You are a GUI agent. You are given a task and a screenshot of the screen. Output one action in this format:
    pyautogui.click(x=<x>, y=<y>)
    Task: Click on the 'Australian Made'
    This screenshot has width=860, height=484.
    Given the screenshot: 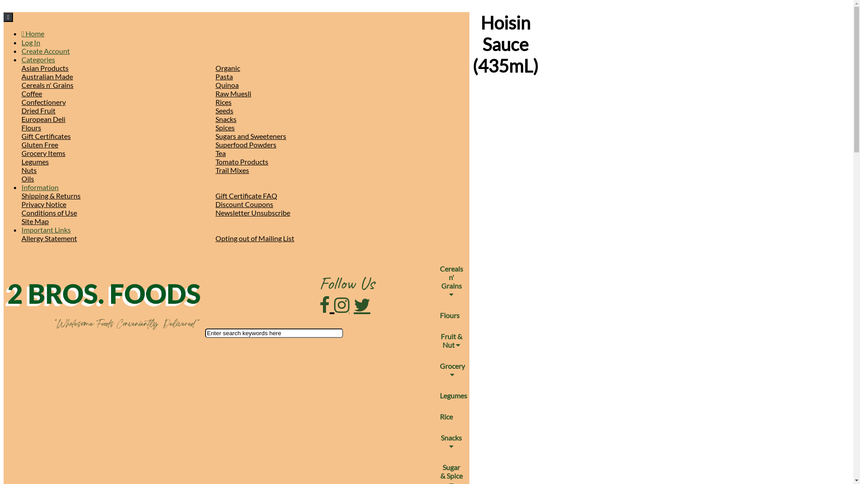 What is the action you would take?
    pyautogui.click(x=21, y=76)
    